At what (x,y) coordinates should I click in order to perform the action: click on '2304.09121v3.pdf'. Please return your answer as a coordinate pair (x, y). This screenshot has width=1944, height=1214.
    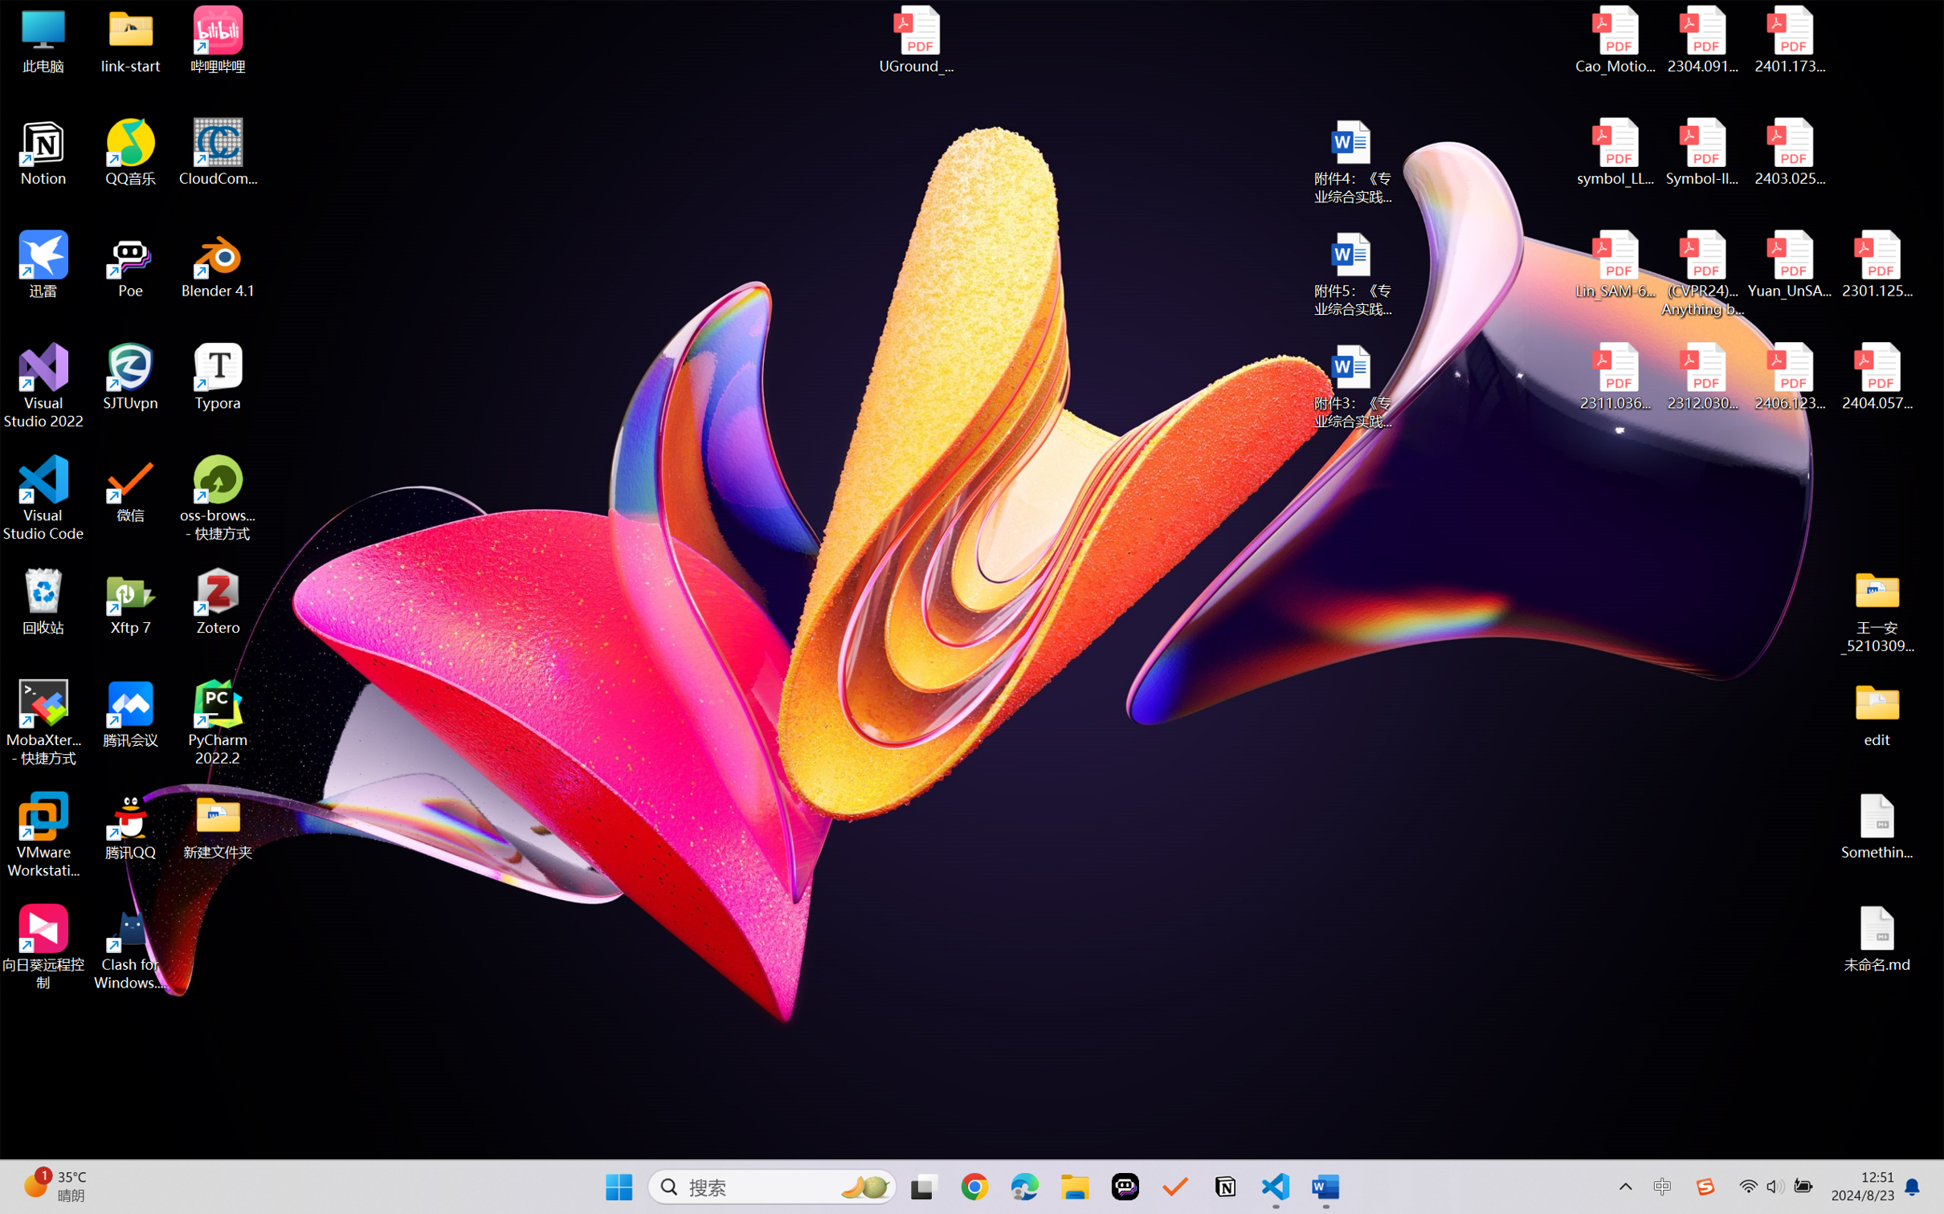
    Looking at the image, I should click on (1701, 39).